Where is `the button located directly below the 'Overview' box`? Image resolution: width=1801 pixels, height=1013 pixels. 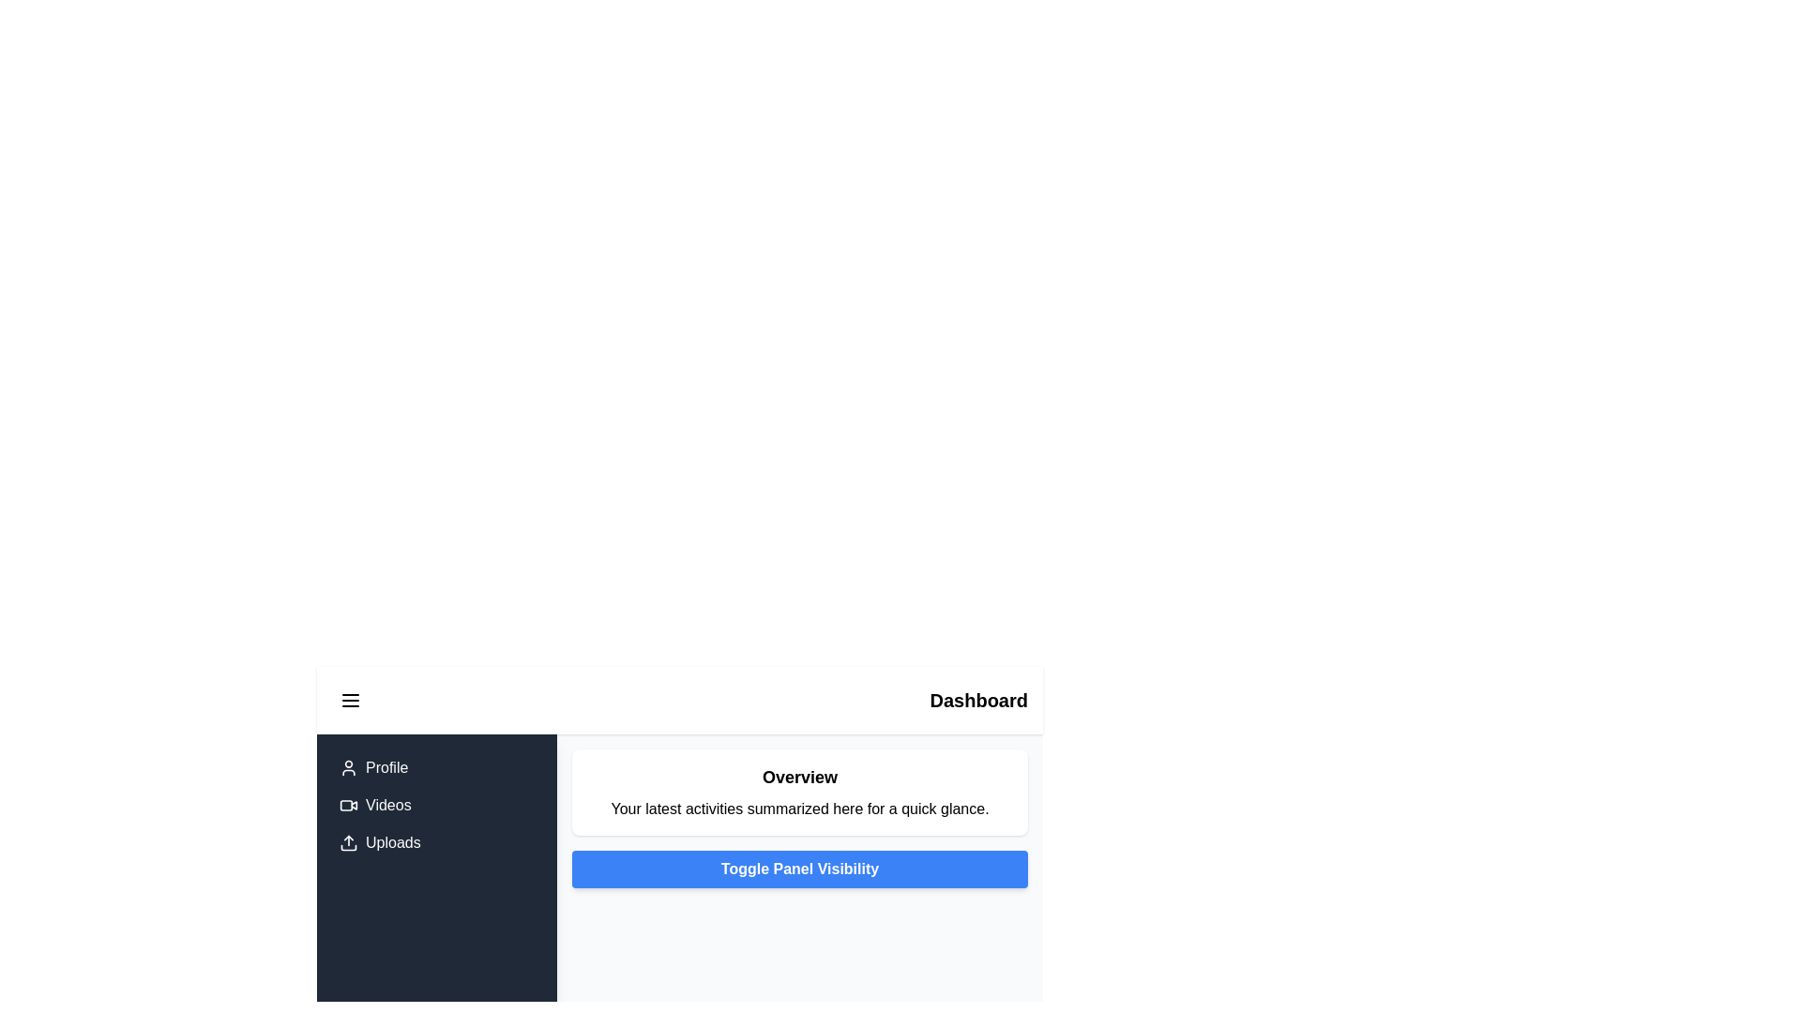
the button located directly below the 'Overview' box is located at coordinates (800, 869).